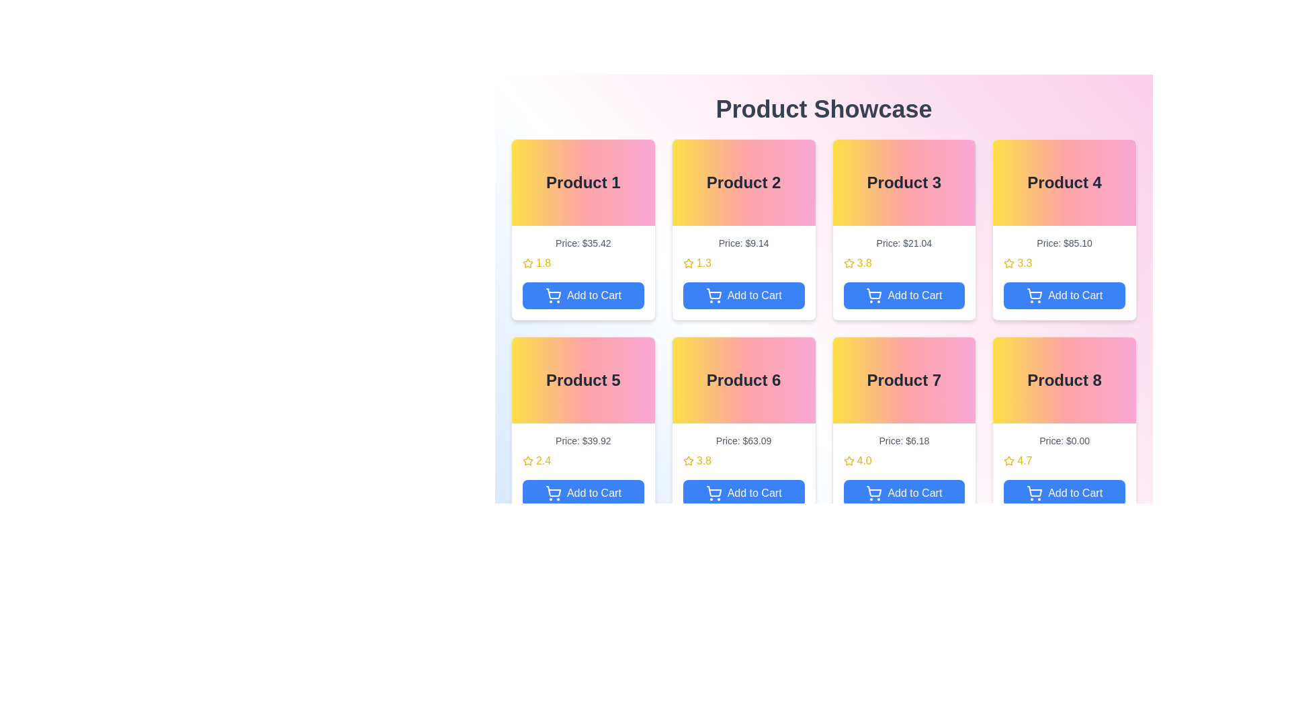 Image resolution: width=1290 pixels, height=726 pixels. Describe the element at coordinates (583, 380) in the screenshot. I see `the text label for 'Product 5', located in the center of the second row, first column of the product grid below the 'Product Showcase' heading` at that location.